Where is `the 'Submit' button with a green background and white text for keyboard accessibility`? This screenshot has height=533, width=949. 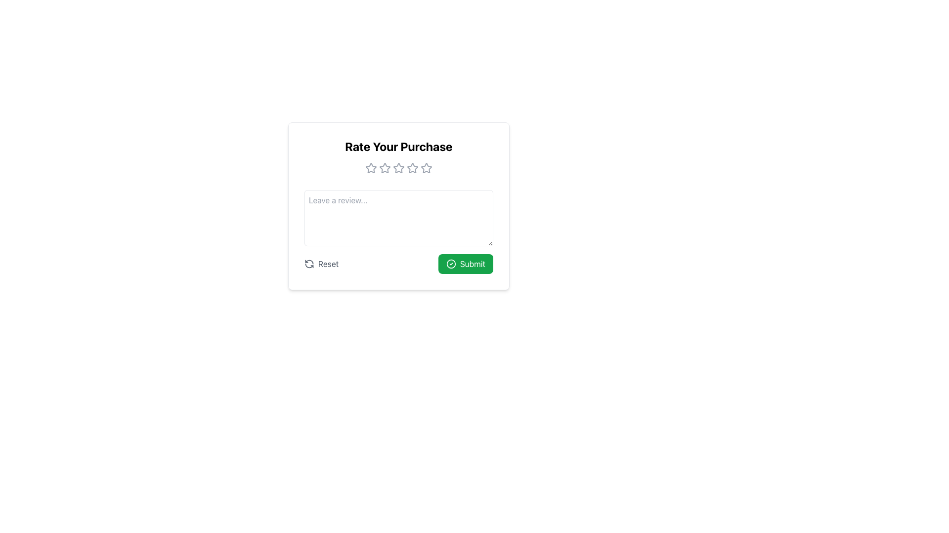 the 'Submit' button with a green background and white text for keyboard accessibility is located at coordinates (465, 264).